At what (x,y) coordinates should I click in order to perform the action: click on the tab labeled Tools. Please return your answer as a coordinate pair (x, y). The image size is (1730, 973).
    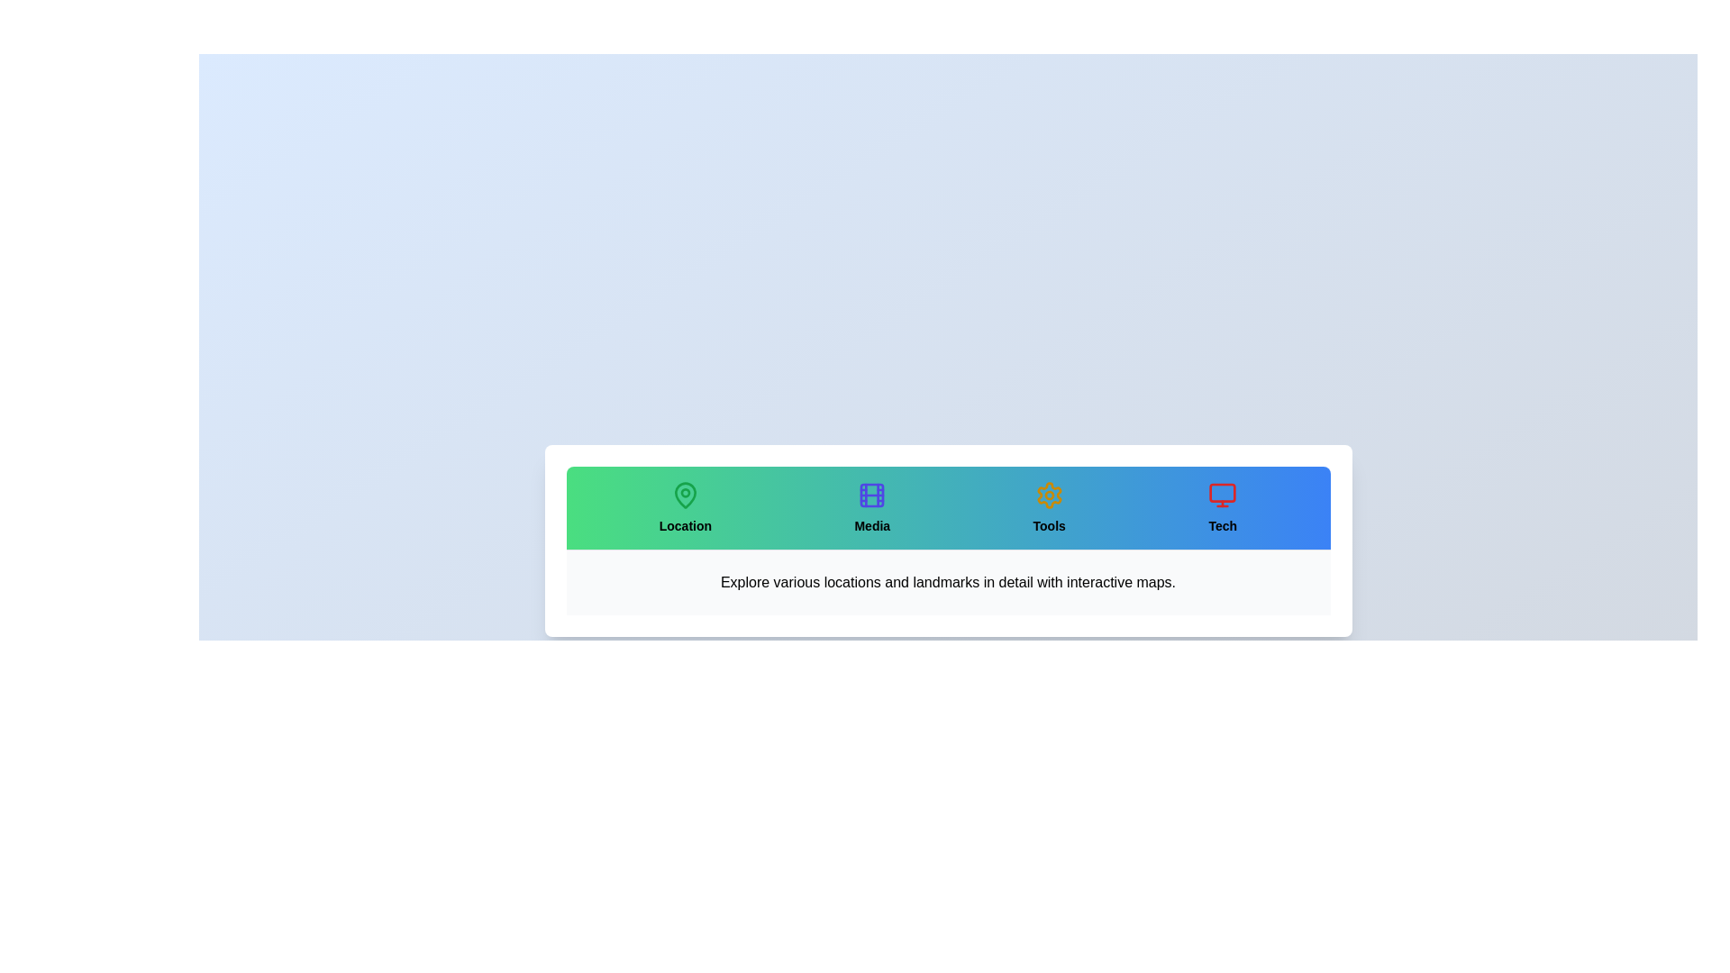
    Looking at the image, I should click on (1049, 507).